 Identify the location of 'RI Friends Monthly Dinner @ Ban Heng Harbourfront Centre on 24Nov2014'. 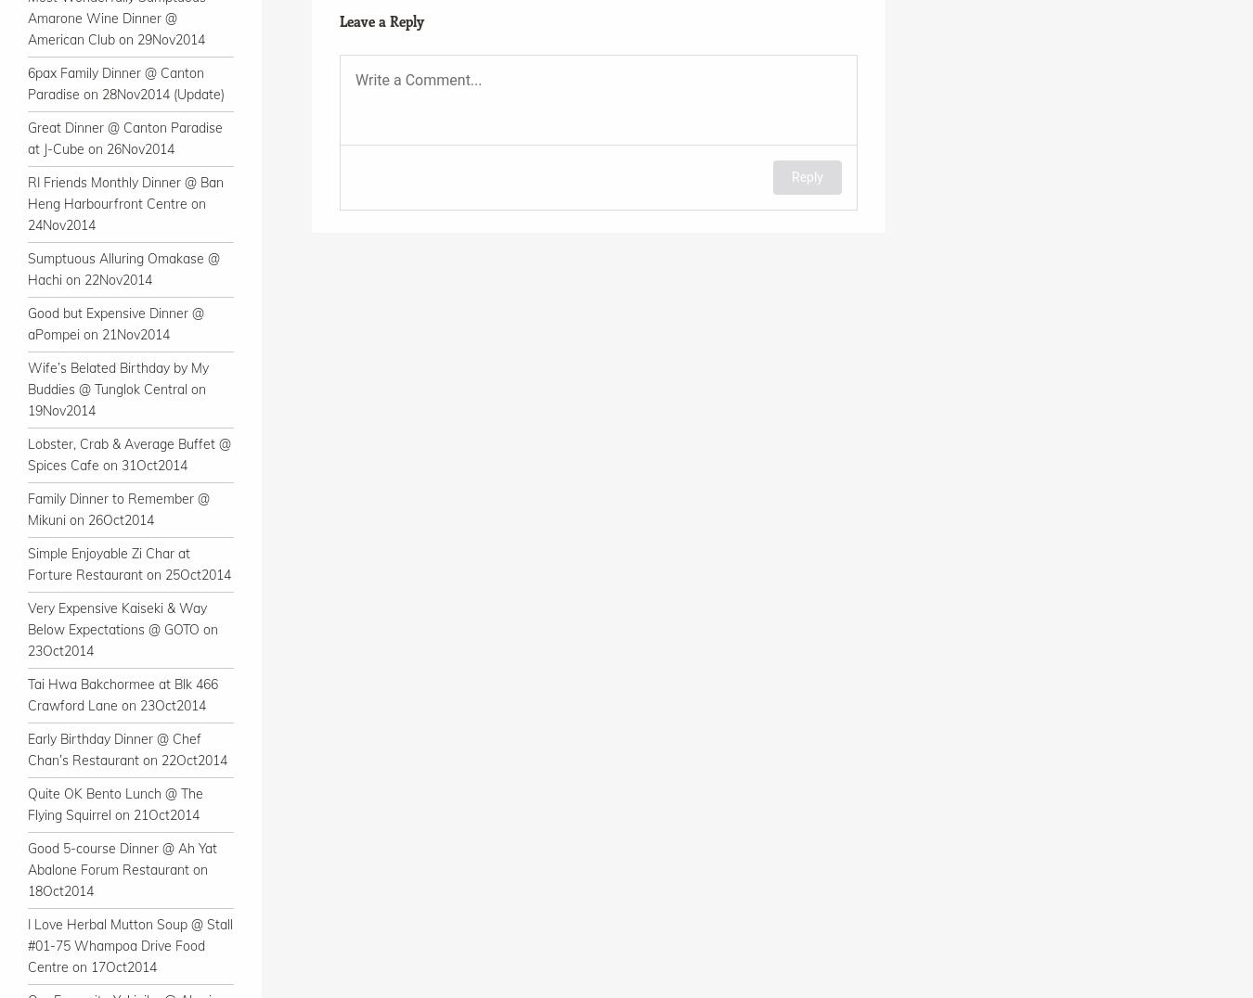
(125, 203).